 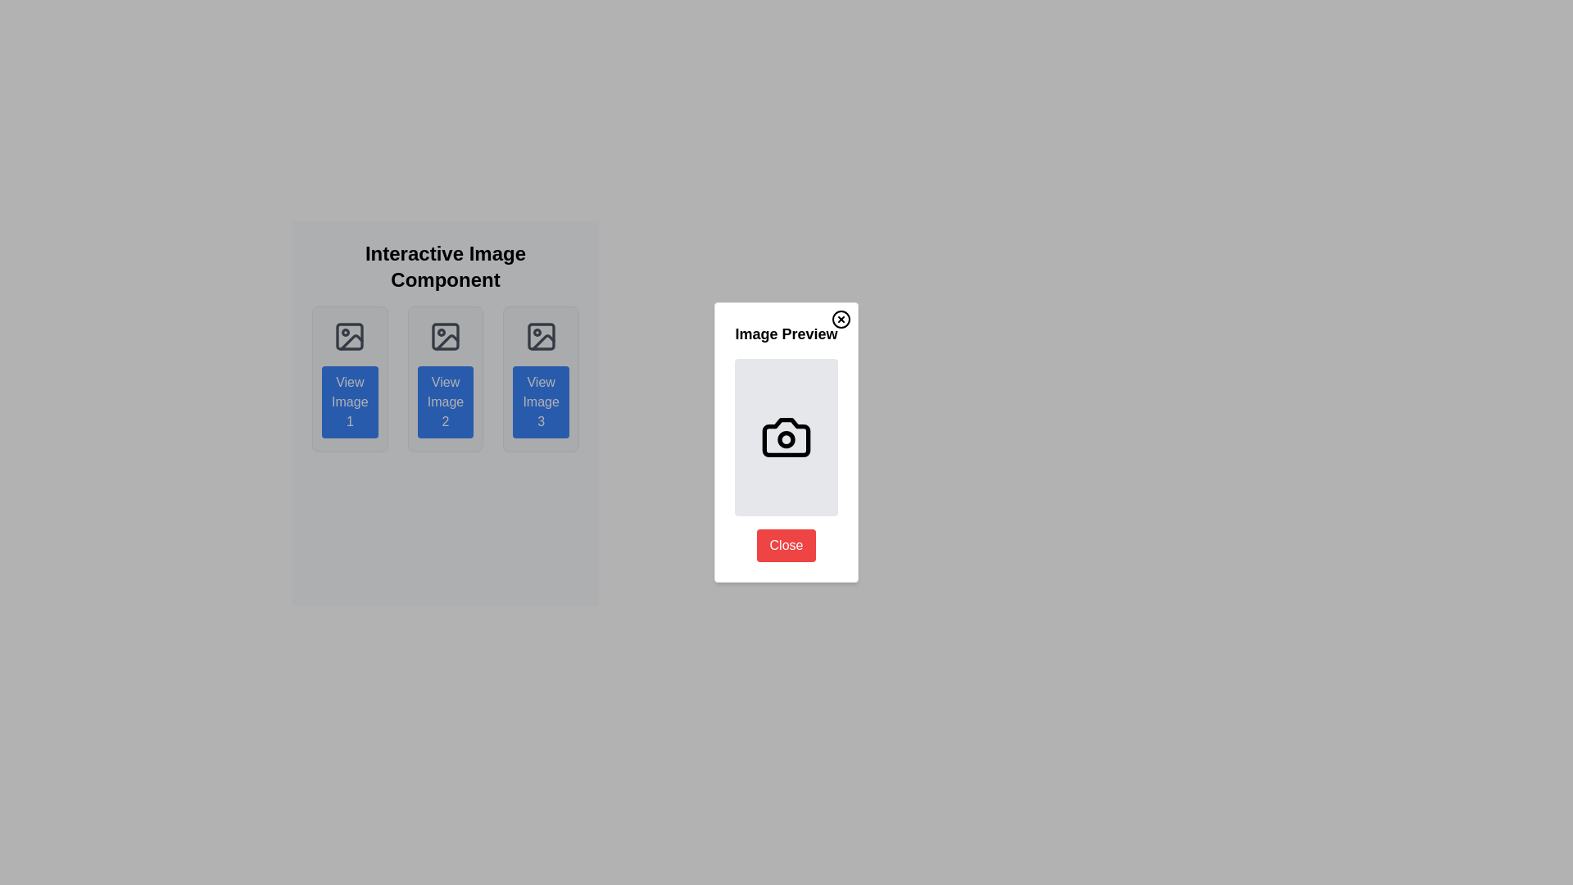 I want to click on the blue rectangular button labeled 'View Image 2', so click(x=445, y=379).